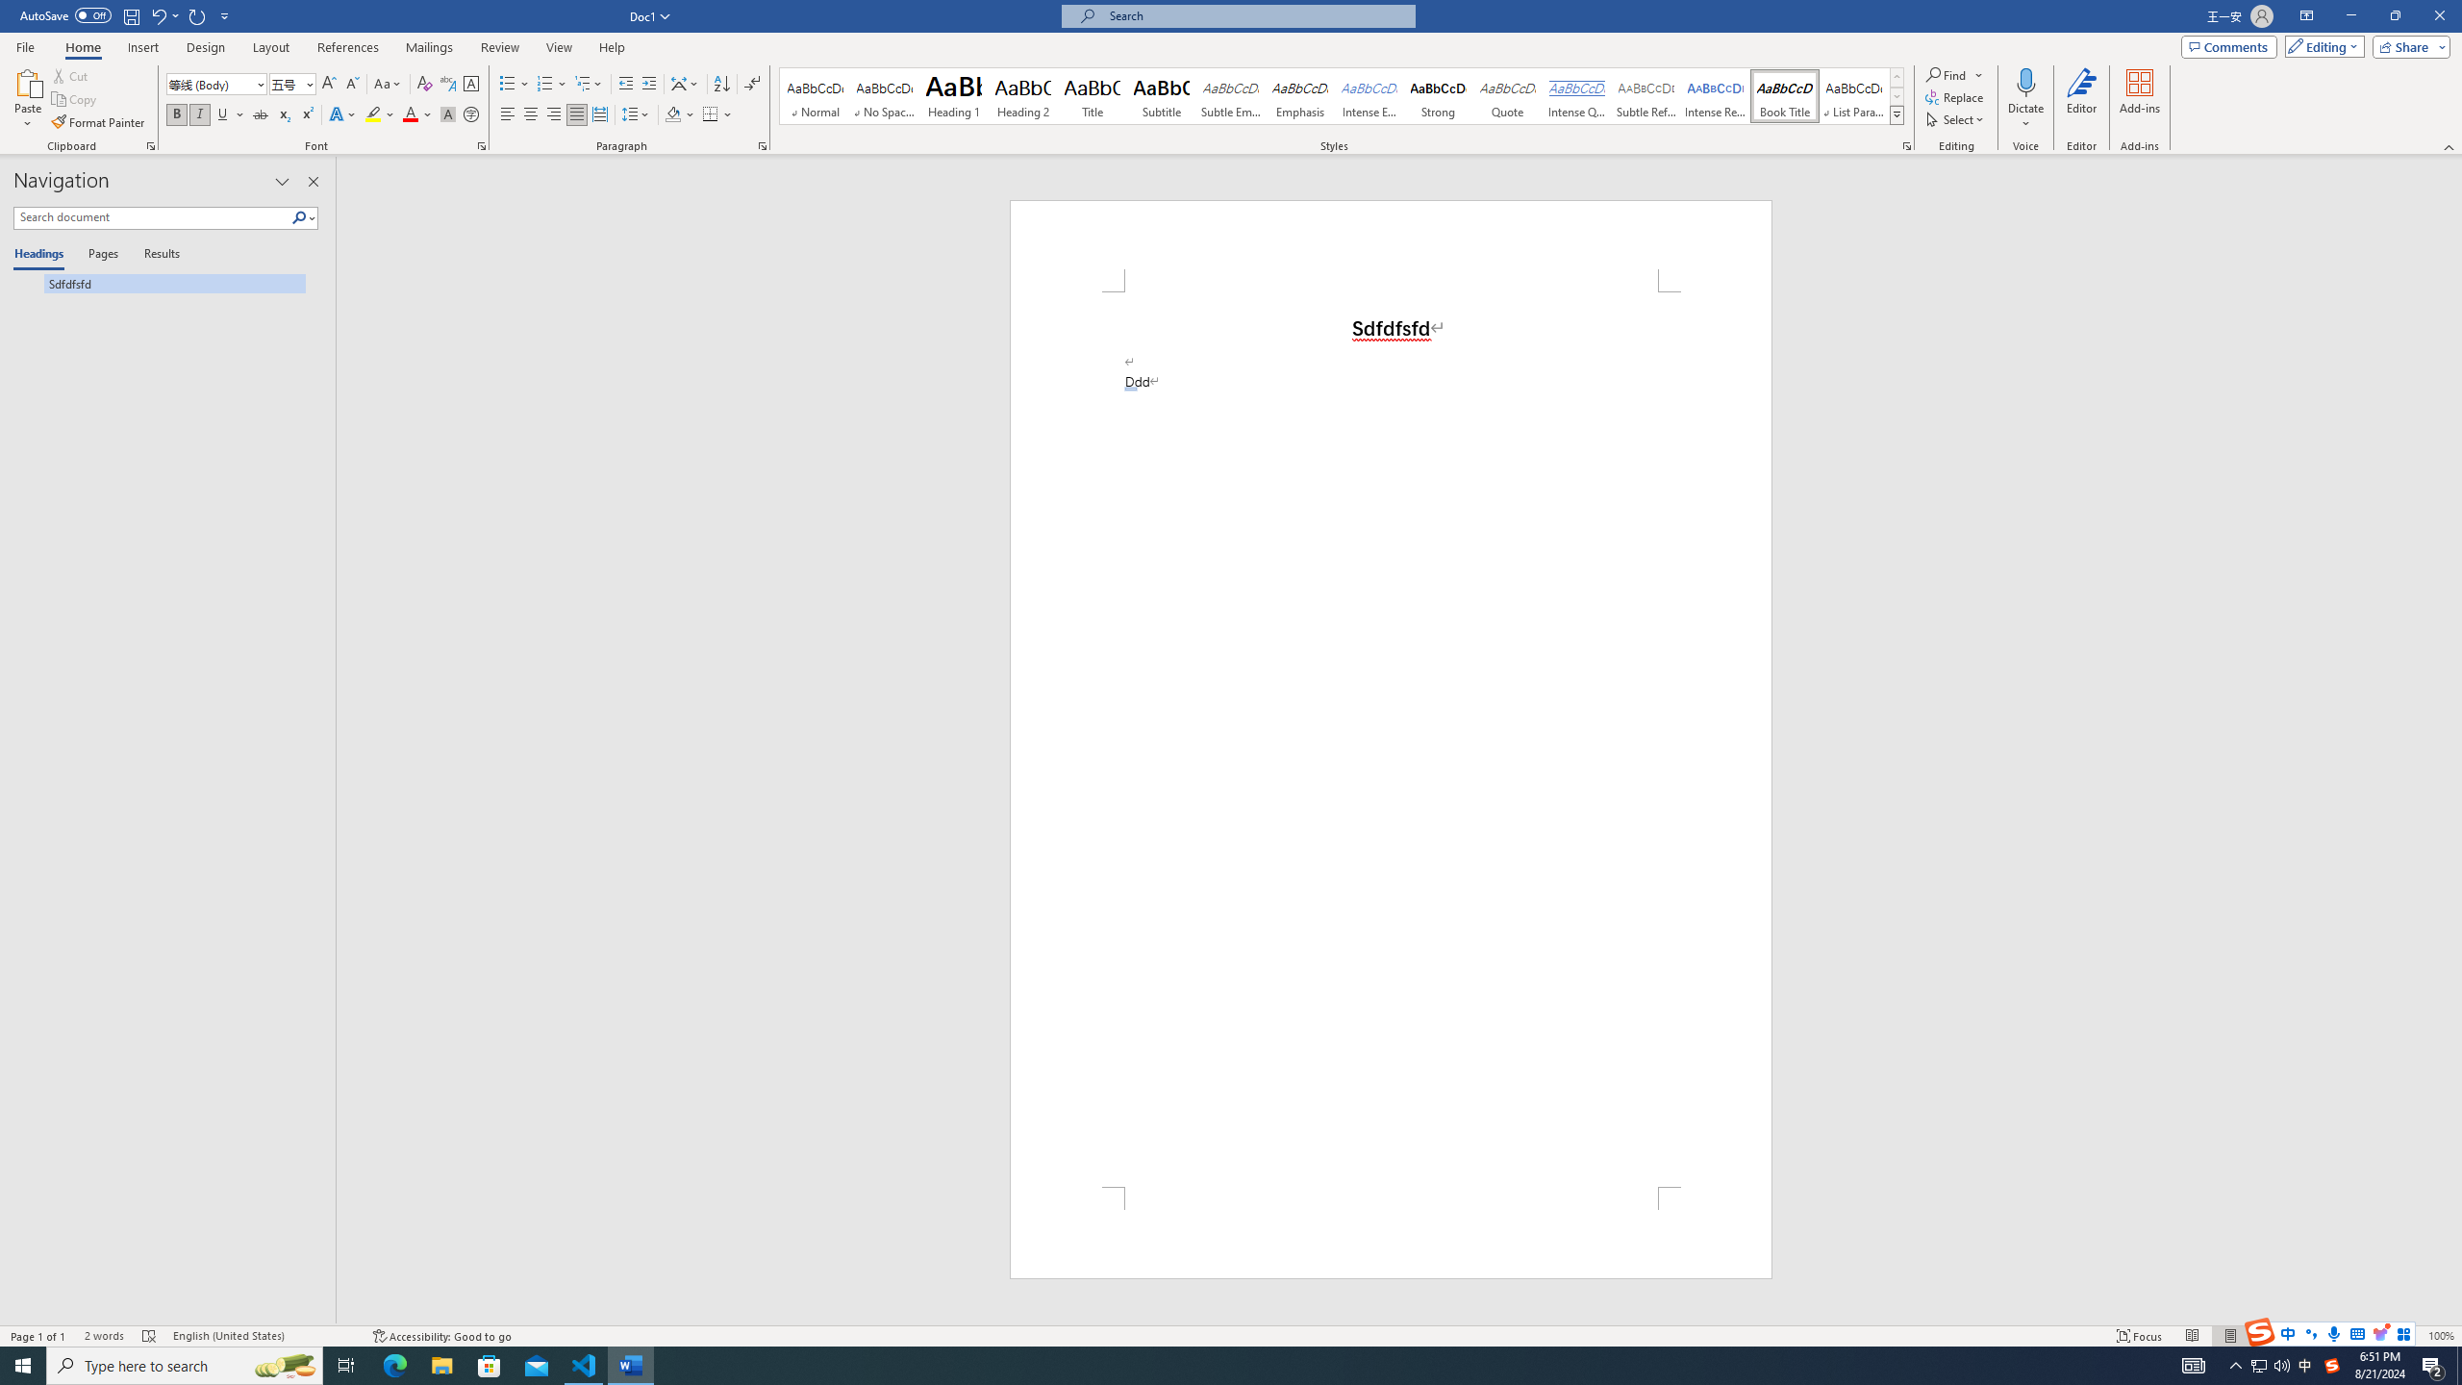 Image resolution: width=2462 pixels, height=1385 pixels. What do you see at coordinates (1716, 95) in the screenshot?
I see `'Intense Reference'` at bounding box center [1716, 95].